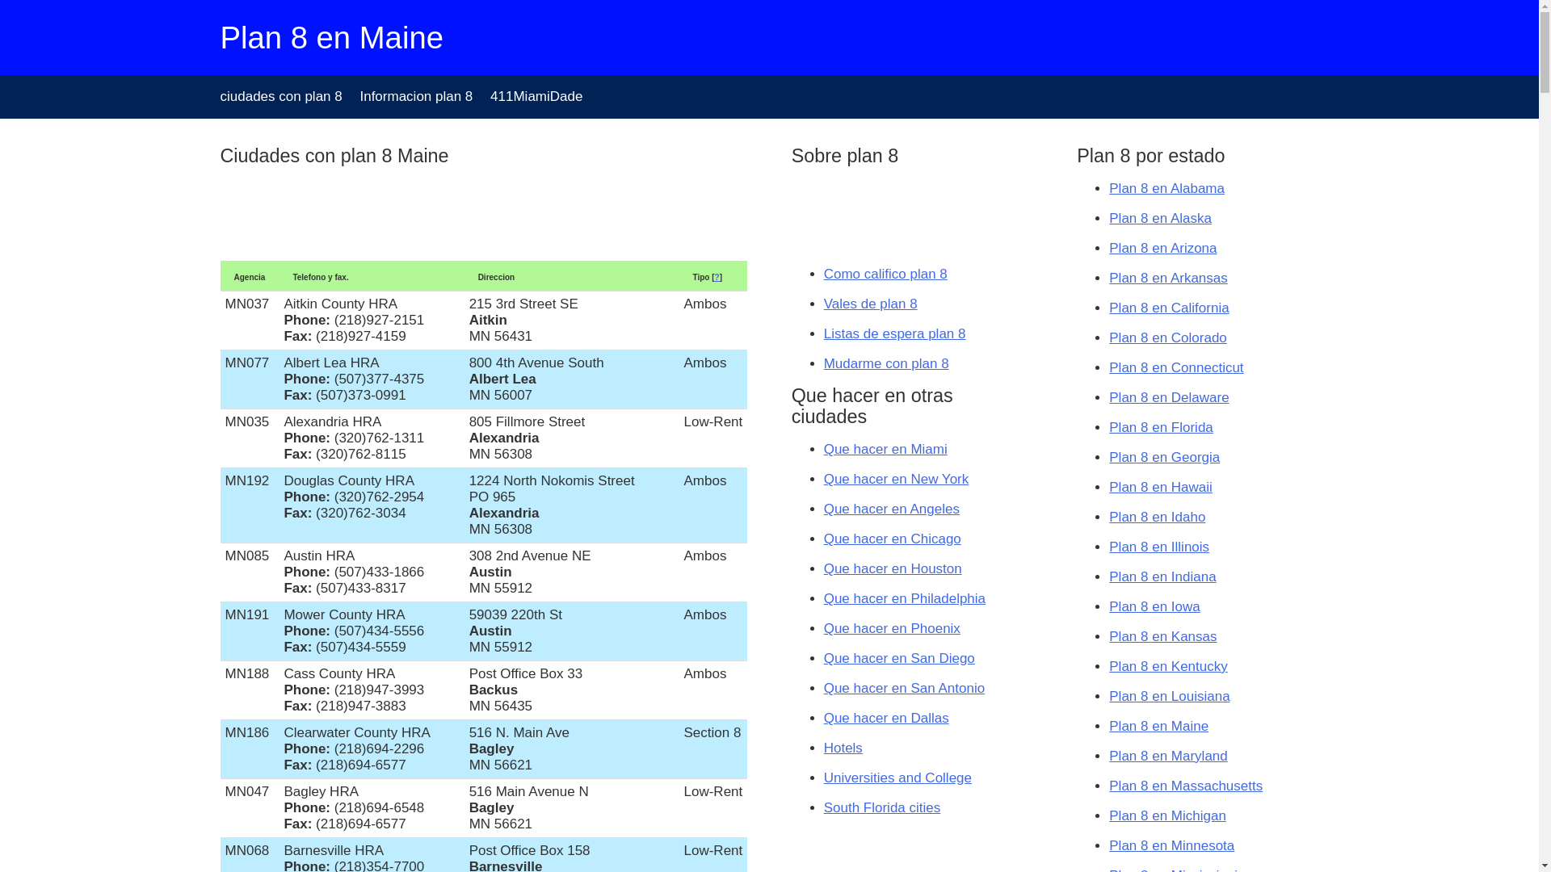 The image size is (1551, 872). What do you see at coordinates (823, 807) in the screenshot?
I see `'South Florida cities'` at bounding box center [823, 807].